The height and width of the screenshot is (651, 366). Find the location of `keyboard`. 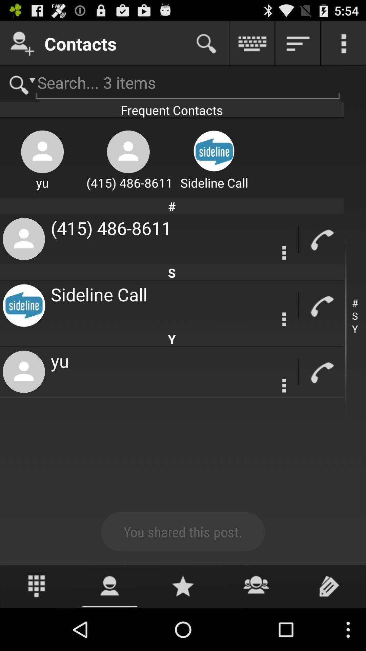

keyboard is located at coordinates (252, 43).